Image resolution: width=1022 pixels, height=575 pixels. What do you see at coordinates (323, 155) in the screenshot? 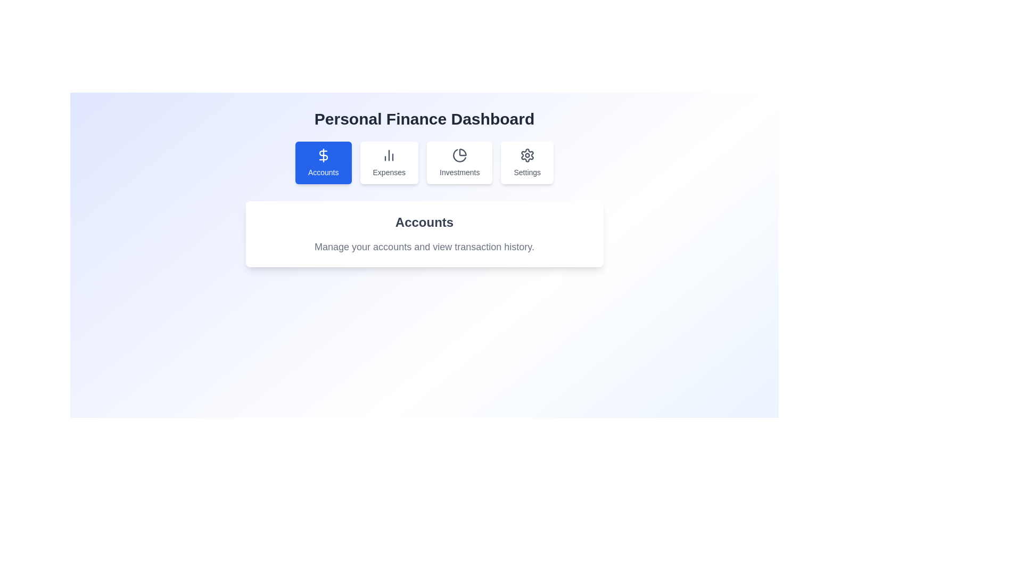
I see `the dollar sign outline icon located within the blue 'Accounts' button` at bounding box center [323, 155].